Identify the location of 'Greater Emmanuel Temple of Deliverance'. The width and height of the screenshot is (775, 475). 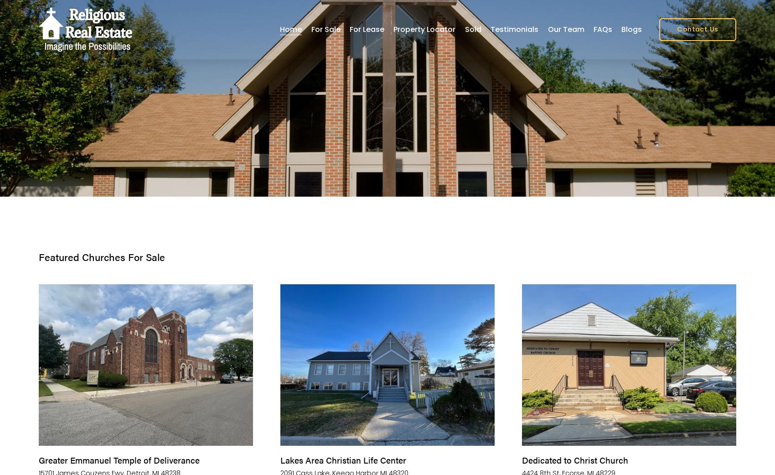
(119, 459).